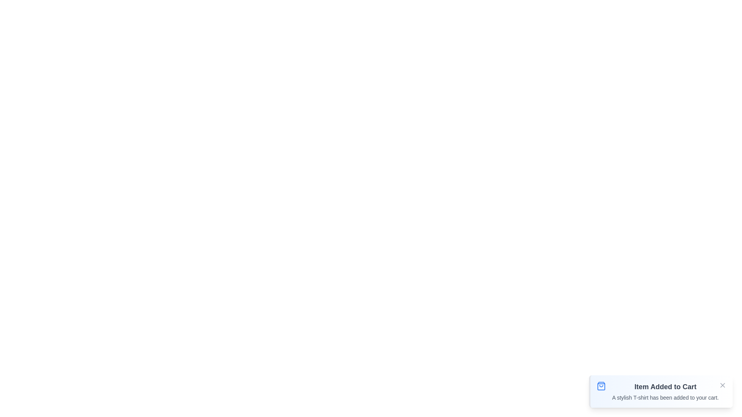  I want to click on the notification to observe the hover effect, so click(660, 392).